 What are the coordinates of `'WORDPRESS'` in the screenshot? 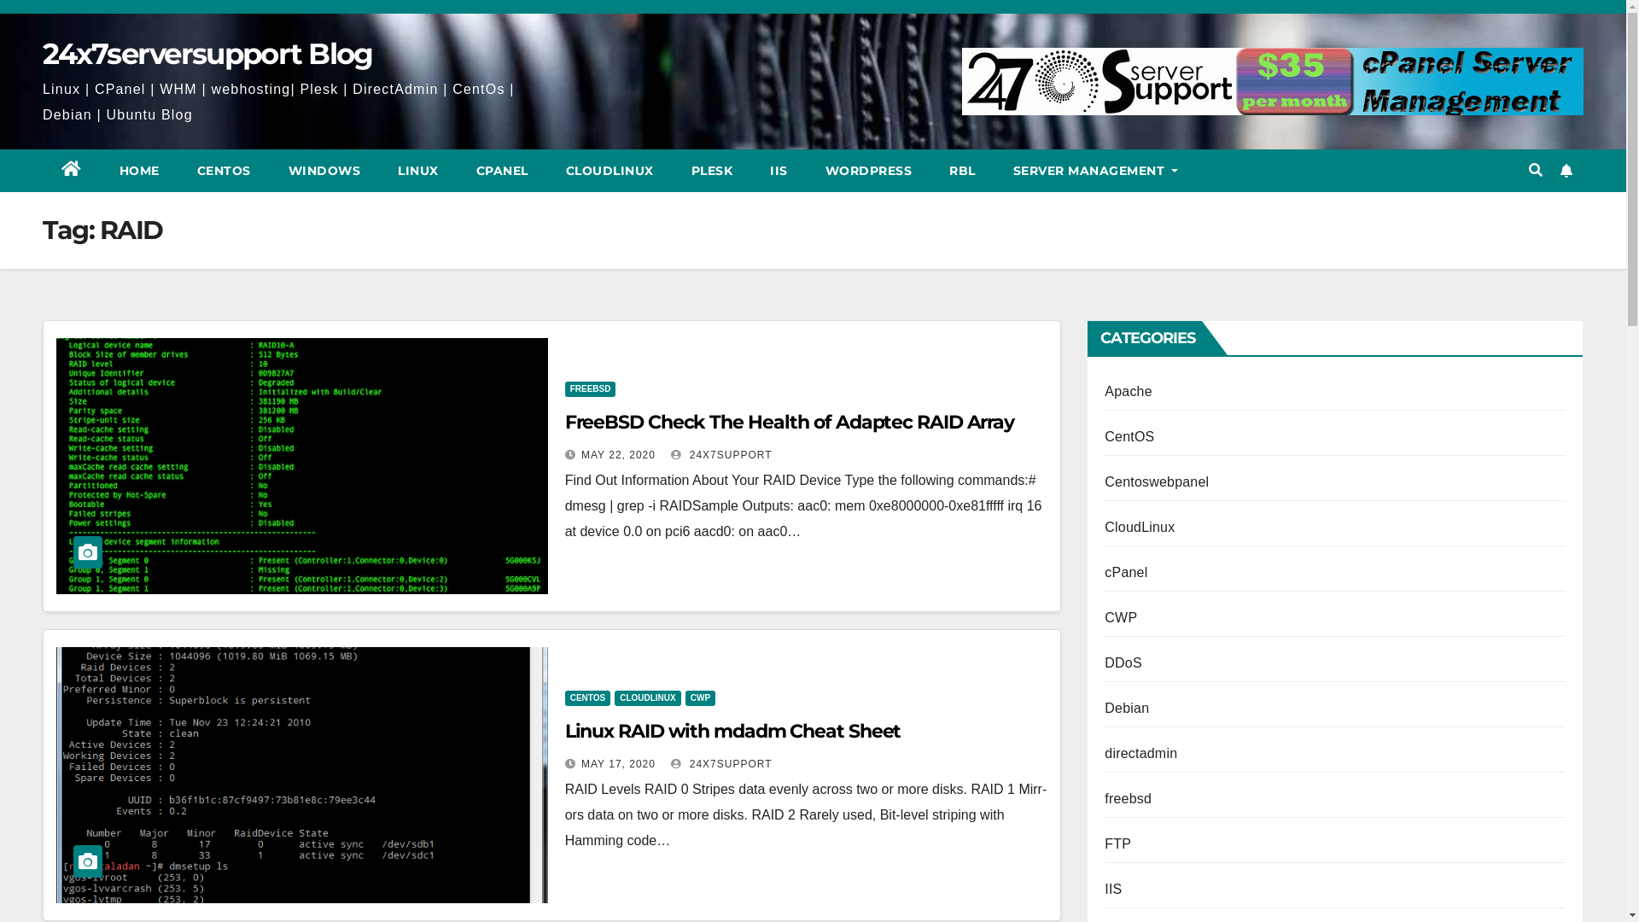 It's located at (868, 171).